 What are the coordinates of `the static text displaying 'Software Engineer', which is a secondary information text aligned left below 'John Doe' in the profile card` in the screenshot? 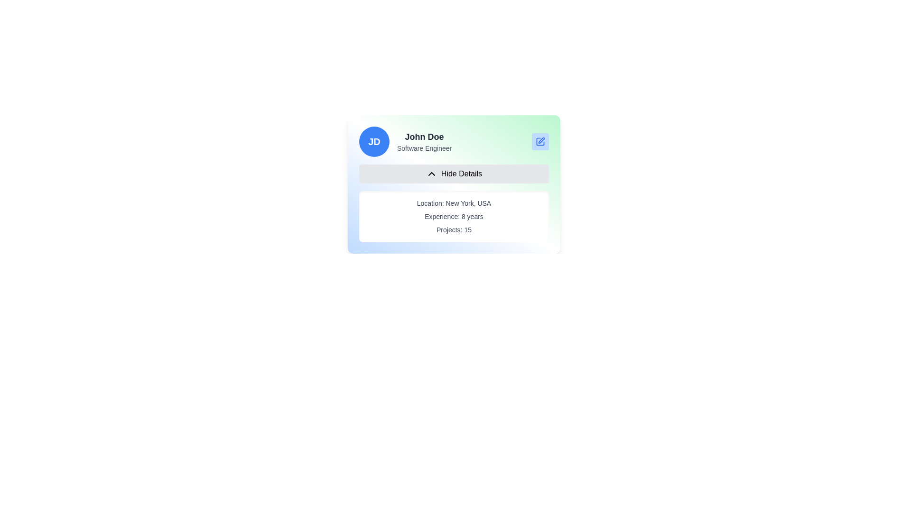 It's located at (424, 148).